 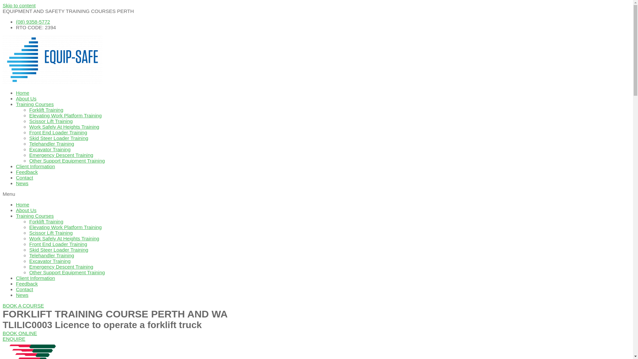 What do you see at coordinates (49, 261) in the screenshot?
I see `'Excavator Training'` at bounding box center [49, 261].